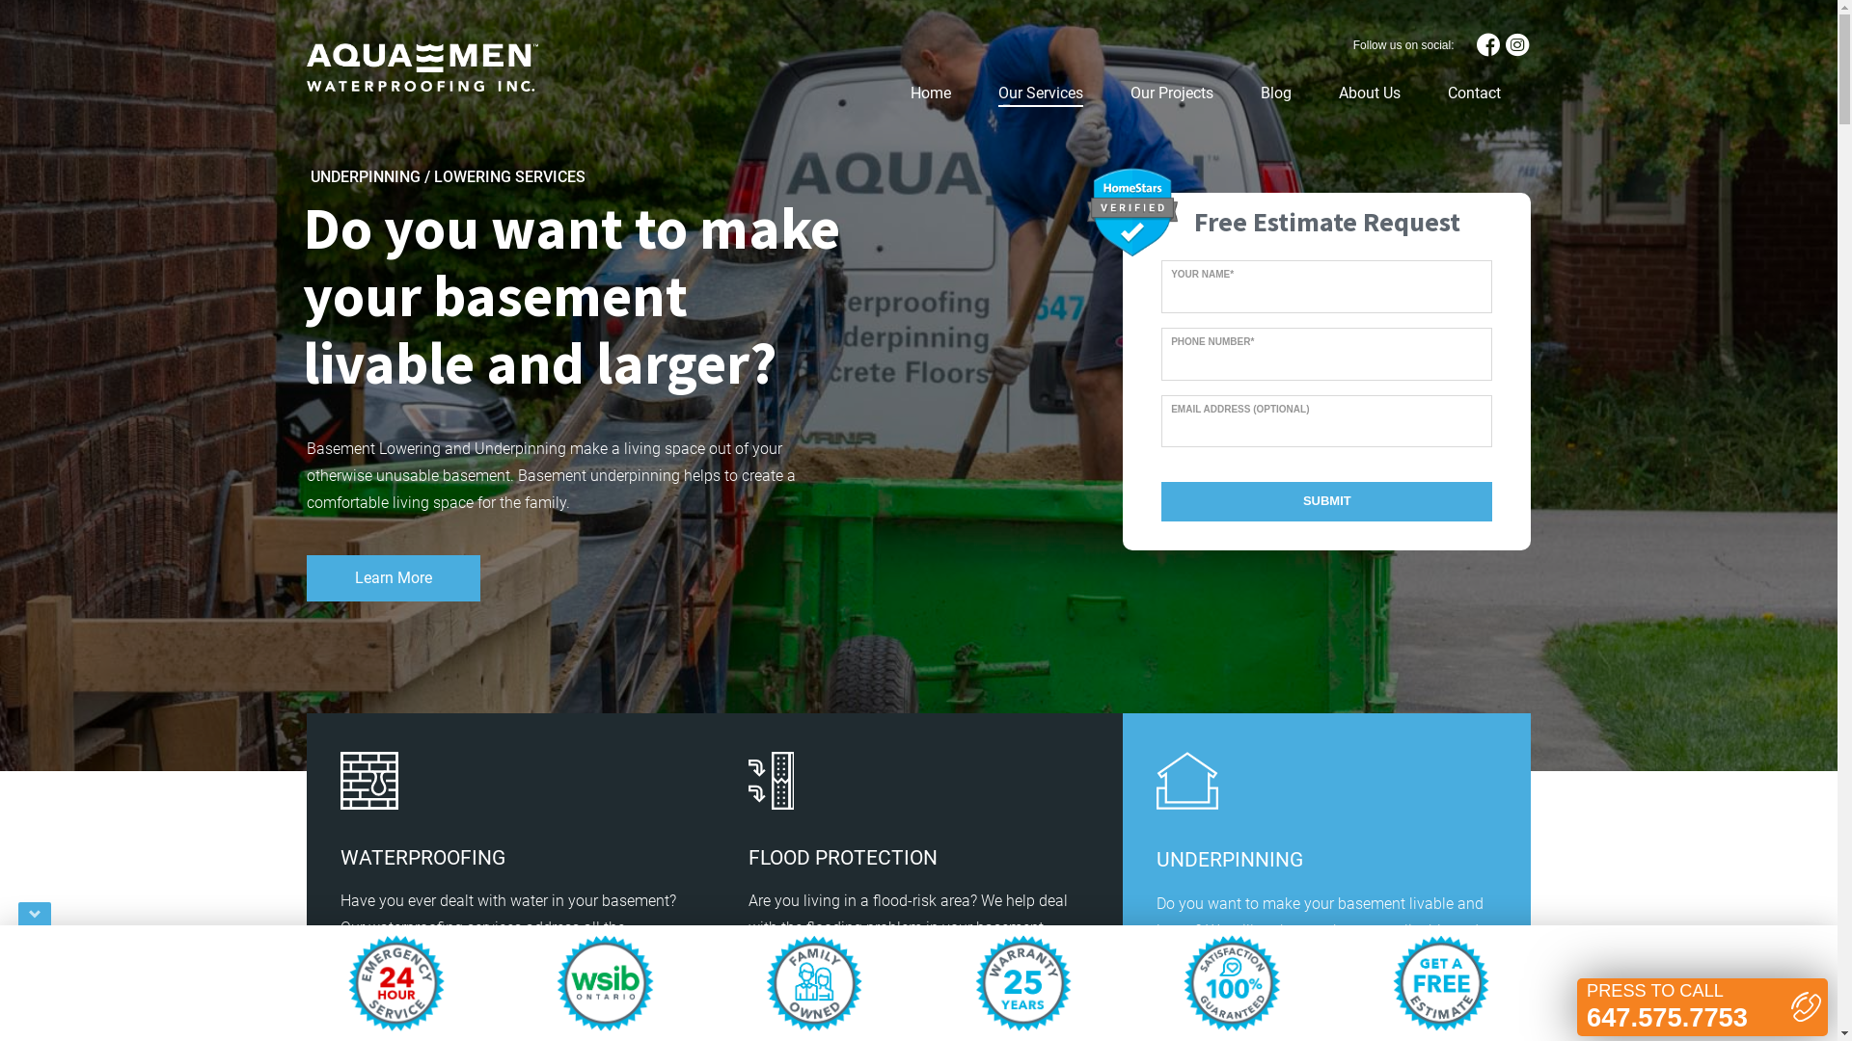 This screenshot has width=1852, height=1041. Describe the element at coordinates (1435, 93) in the screenshot. I see `'Contact'` at that location.